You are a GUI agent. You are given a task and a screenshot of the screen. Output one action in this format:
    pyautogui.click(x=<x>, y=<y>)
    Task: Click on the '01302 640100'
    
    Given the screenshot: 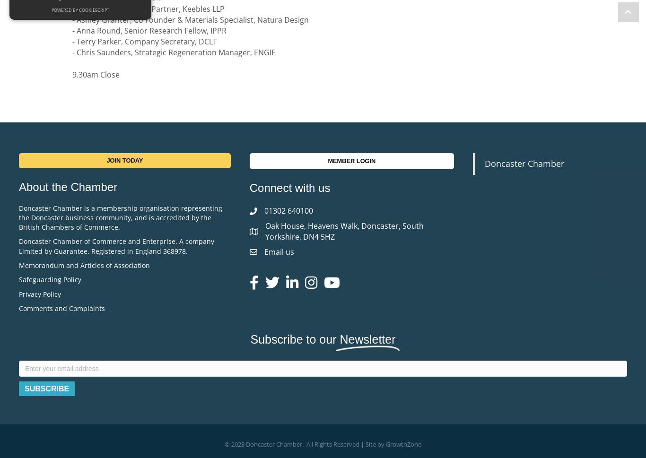 What is the action you would take?
    pyautogui.click(x=288, y=210)
    